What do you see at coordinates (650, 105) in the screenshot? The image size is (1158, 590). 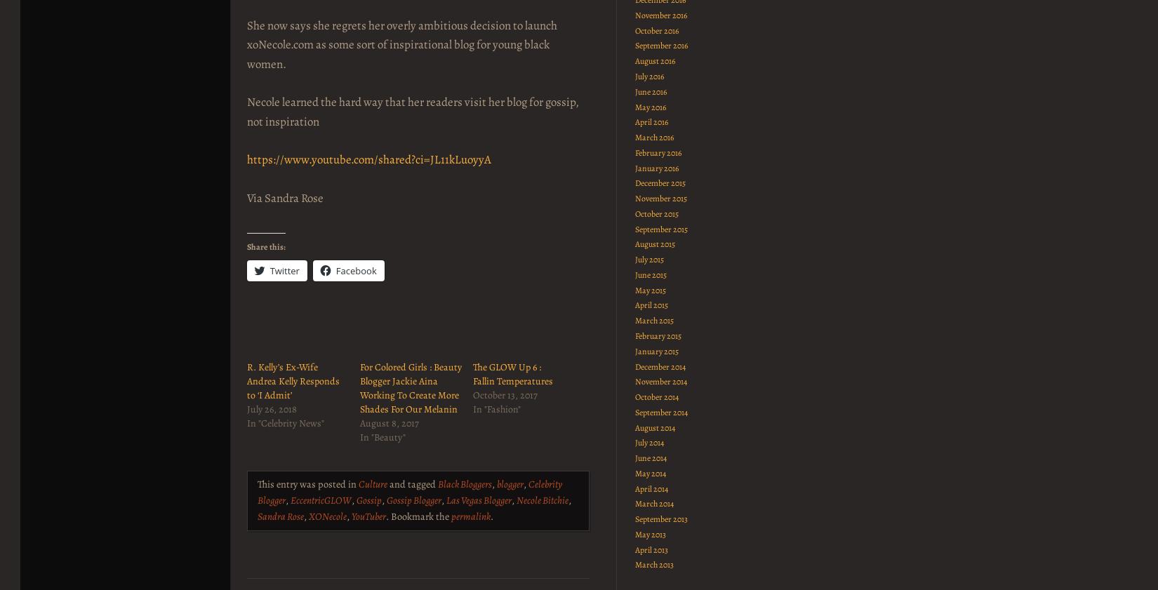 I see `'May 2016'` at bounding box center [650, 105].